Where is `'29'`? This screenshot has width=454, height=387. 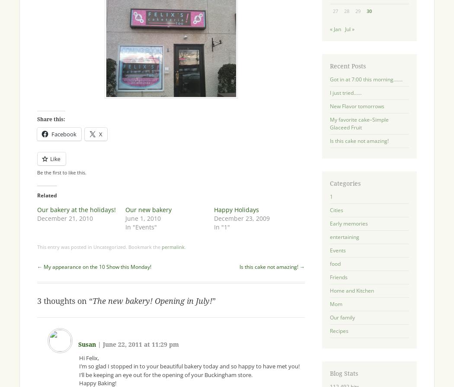
'29' is located at coordinates (358, 11).